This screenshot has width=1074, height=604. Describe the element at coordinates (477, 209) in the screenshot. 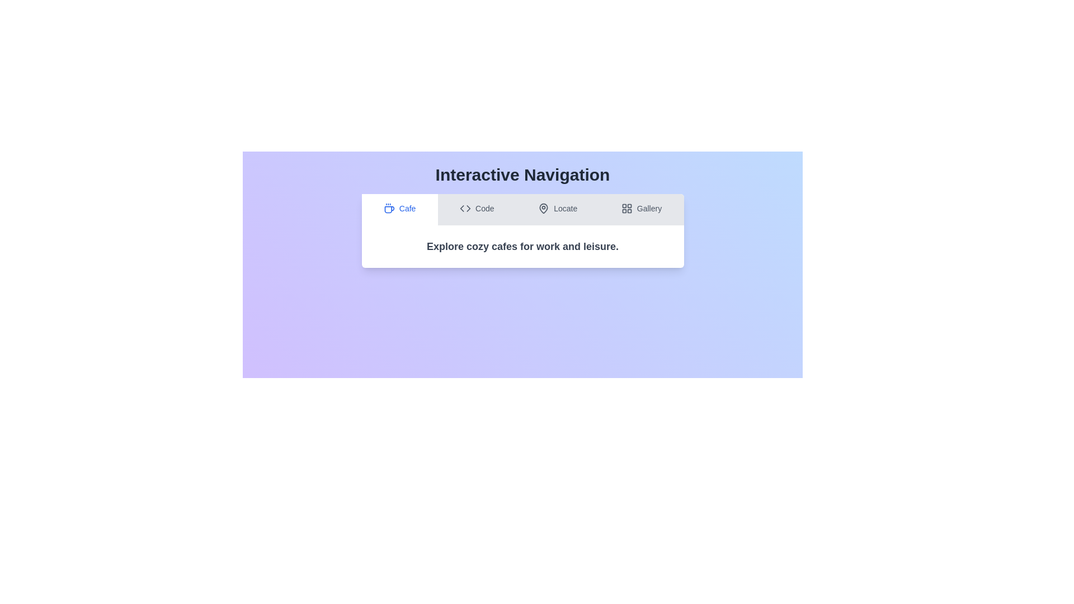

I see `the tab labeled 'Code' to preview its interaction effect` at that location.